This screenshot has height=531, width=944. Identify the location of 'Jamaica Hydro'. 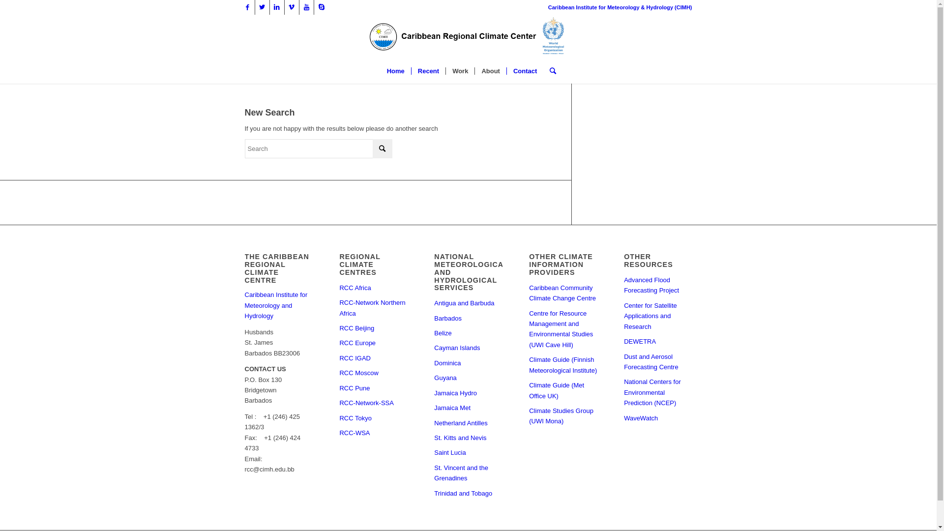
(467, 392).